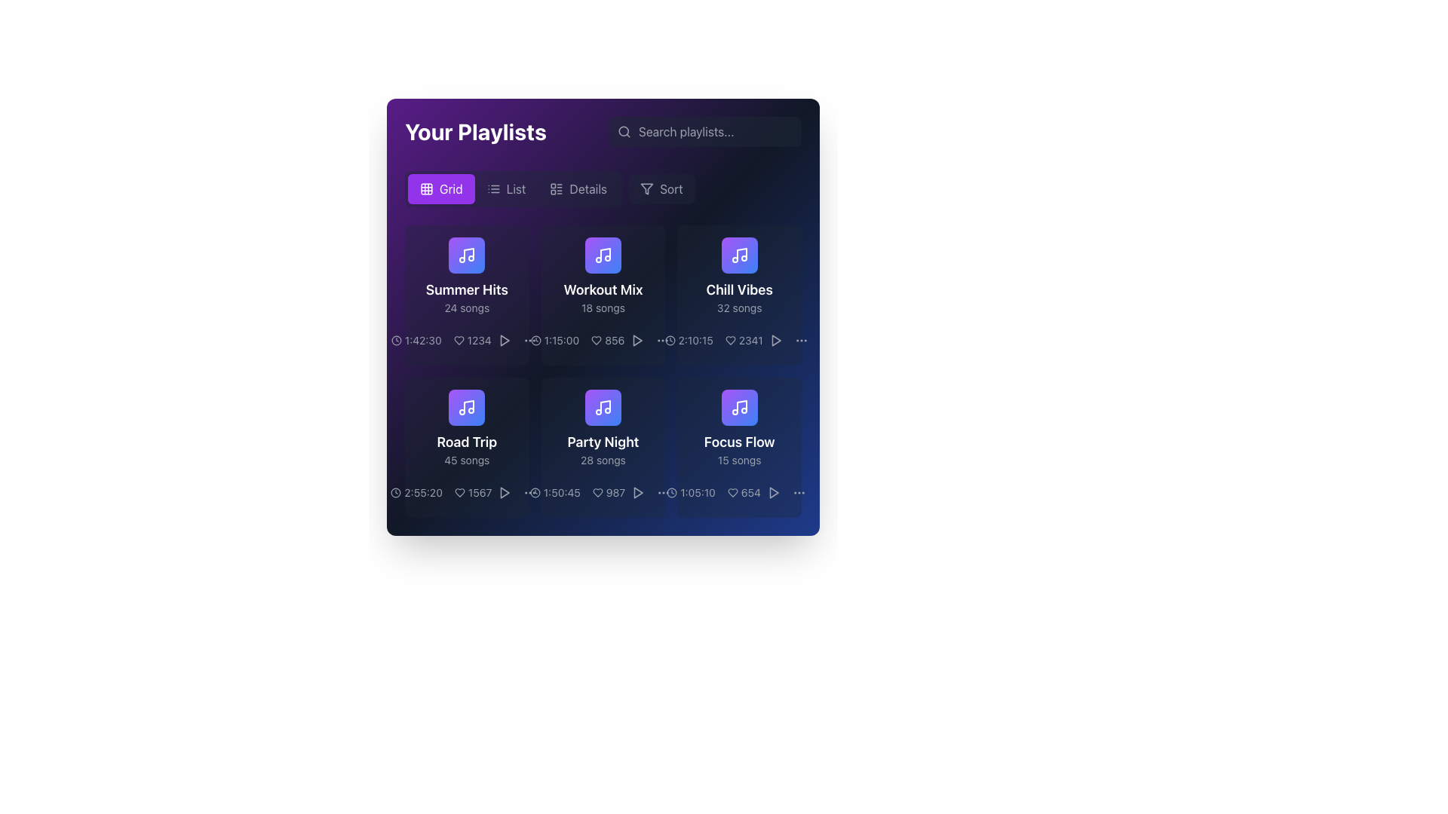 Image resolution: width=1448 pixels, height=814 pixels. Describe the element at coordinates (603, 407) in the screenshot. I see `the square button with a gradient background from purple to blue featuring a white music note icon, located in the second row, third column of the grid layout` at that location.